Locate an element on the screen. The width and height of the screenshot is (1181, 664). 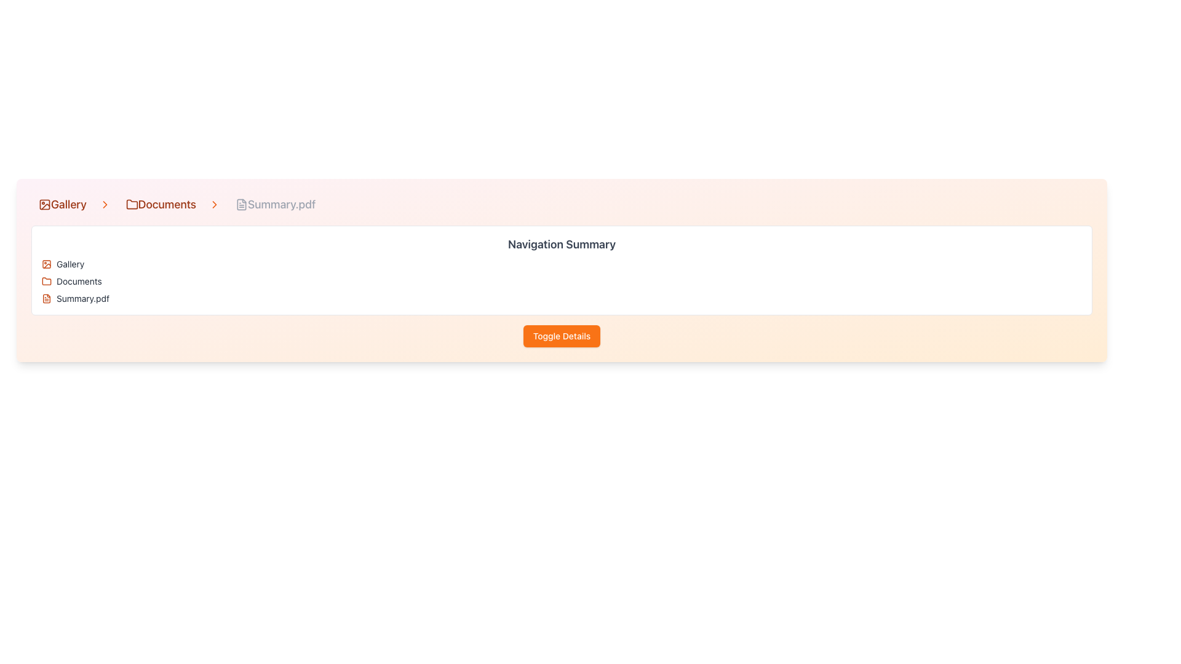
the icon representing the 'Summary.pdf' file in the breadcrumb navigation at the top part of the interface is located at coordinates (242, 204).